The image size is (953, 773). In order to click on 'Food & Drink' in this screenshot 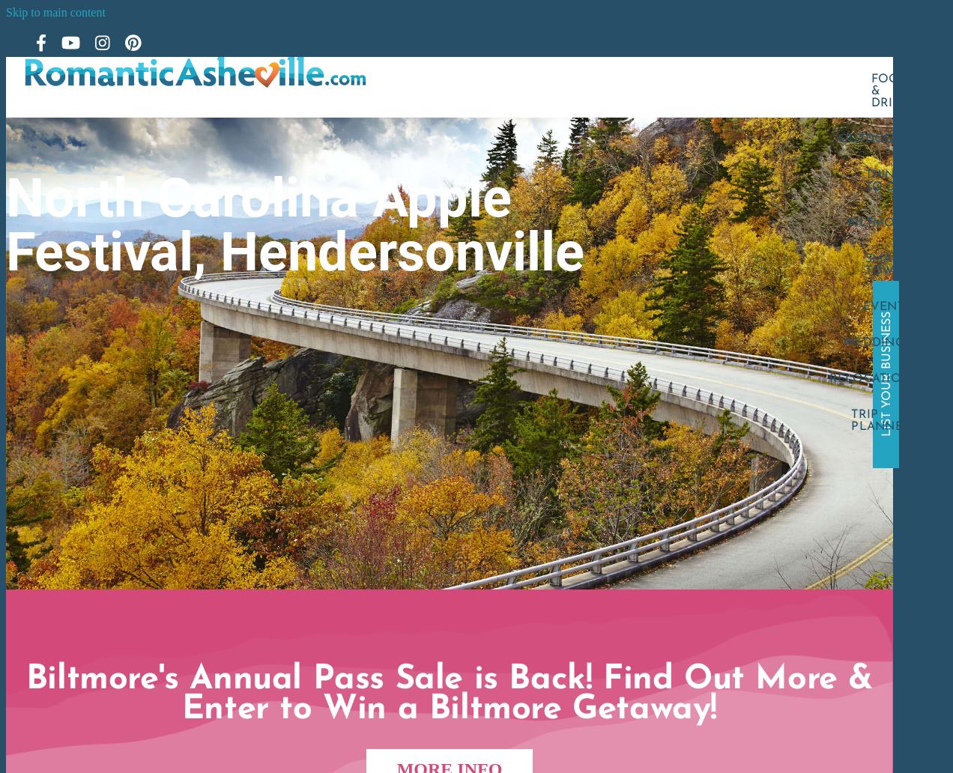, I will do `click(889, 90)`.